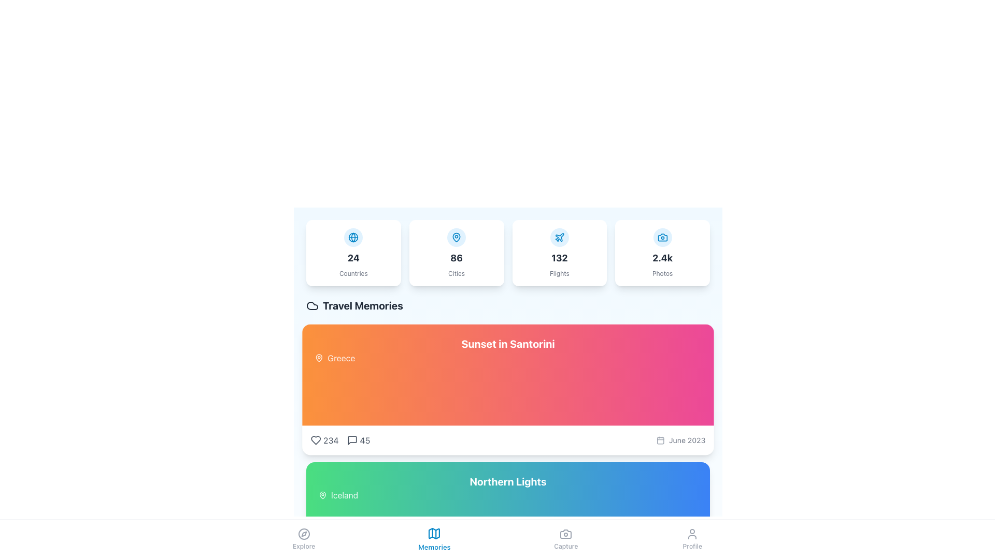  What do you see at coordinates (324, 440) in the screenshot?
I see `the heart icon button displaying '234' to like the content, which is located below the 'Sunset in Santorini' card and above the comment count indicator '45'` at bounding box center [324, 440].